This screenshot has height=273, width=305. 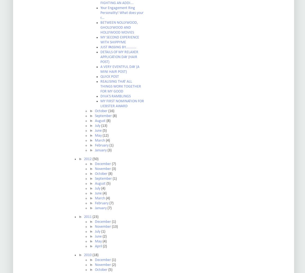 What do you see at coordinates (119, 27) in the screenshot?
I see `'BETWEEN NOLLYWOOD, GHOLLYWOOD AND HOLLYWOOD MOVIES'` at bounding box center [119, 27].